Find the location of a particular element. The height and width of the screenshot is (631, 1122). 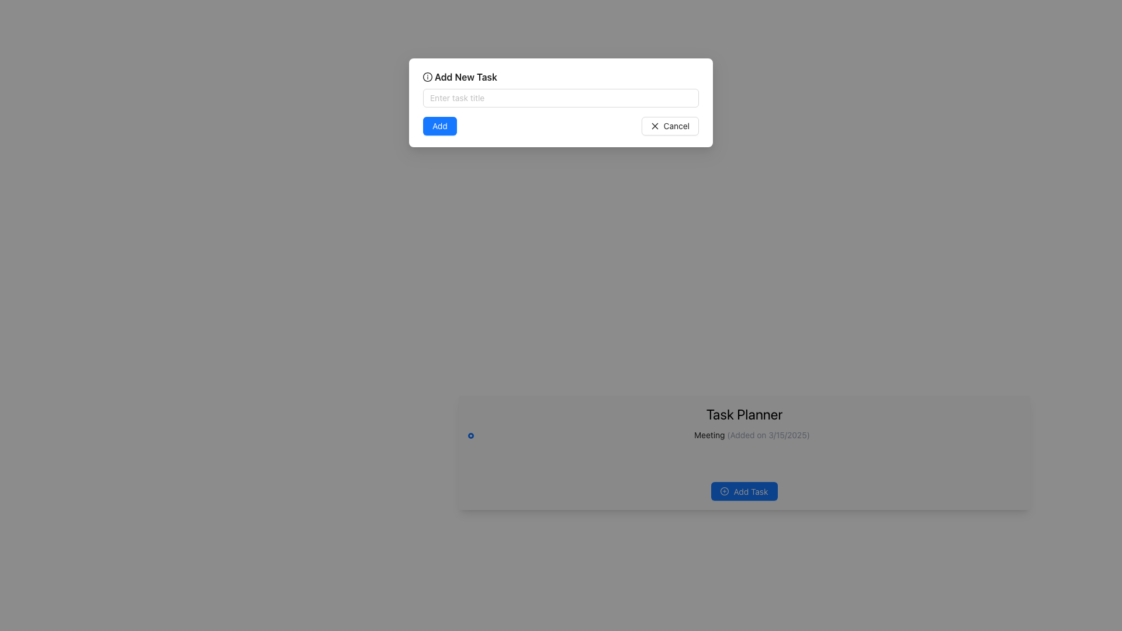

the 'Add Task' text which is displayed in white font on a blue rectangular button with rounded corners located below the 'Task Planner' header is located at coordinates (751, 491).